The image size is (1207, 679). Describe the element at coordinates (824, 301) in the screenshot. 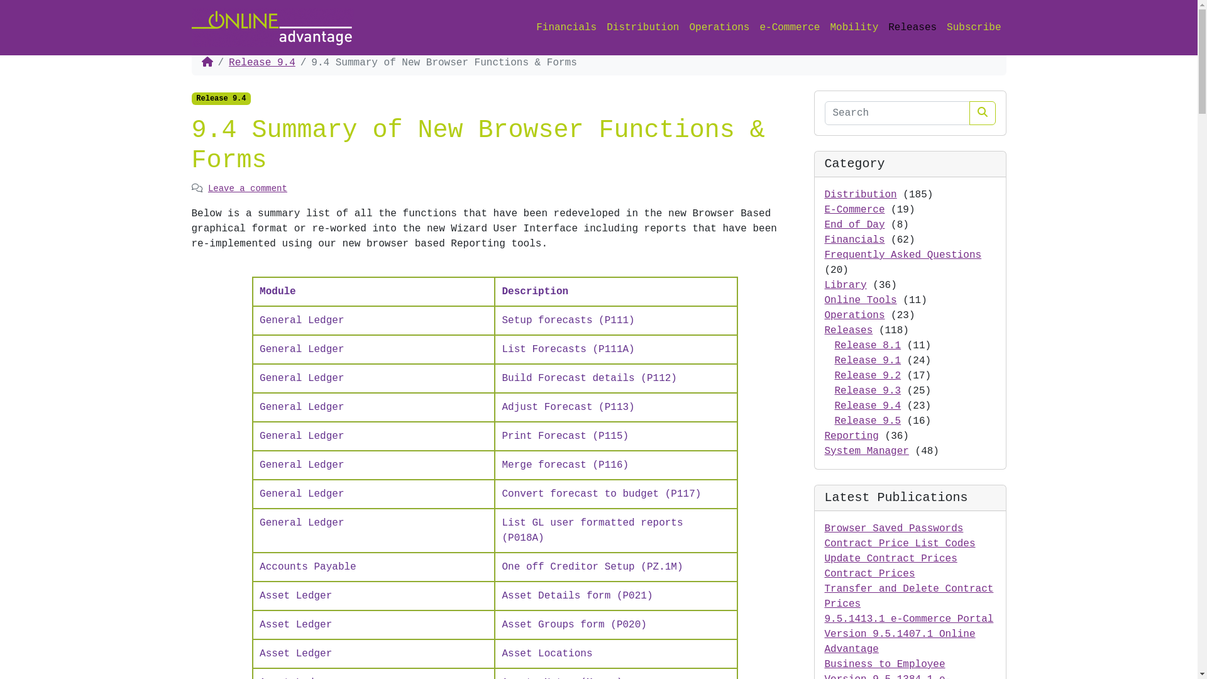

I see `'Online Tools'` at that location.